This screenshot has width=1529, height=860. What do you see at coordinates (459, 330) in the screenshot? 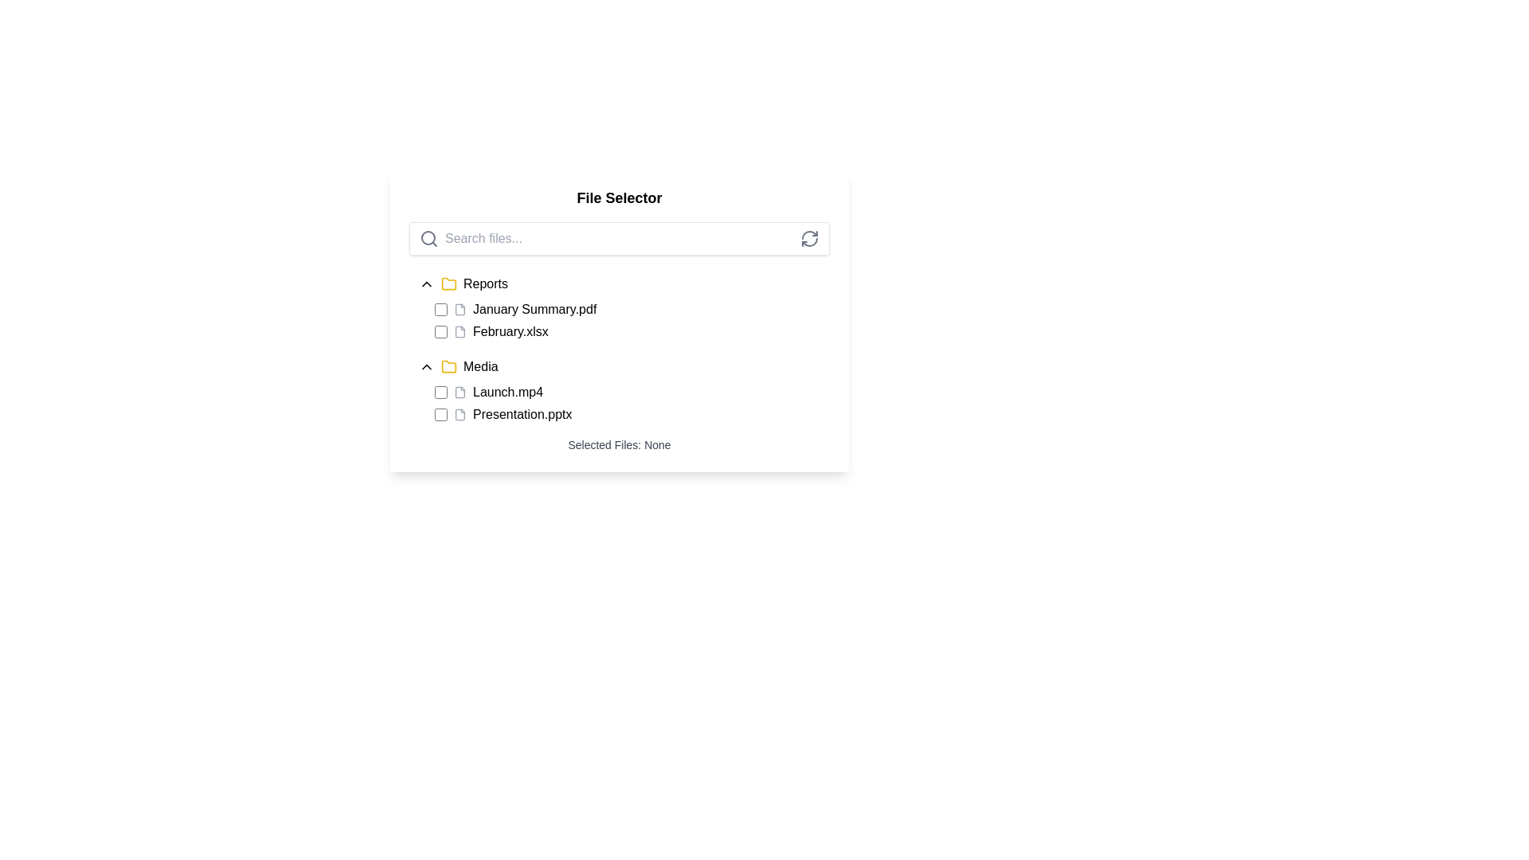
I see `the file icon representing 'February.xlsx'` at bounding box center [459, 330].